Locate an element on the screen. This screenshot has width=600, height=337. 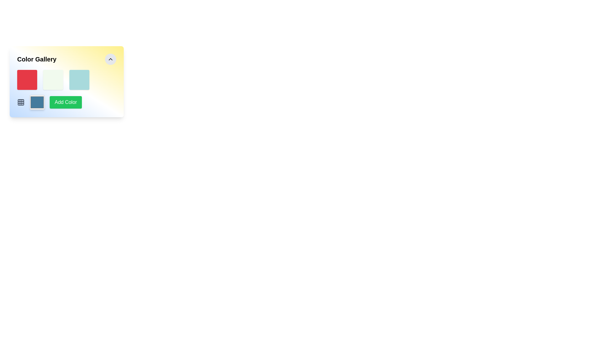
the square UI component with rounded corners and light cyan background located in the grid layout, which is the third item in the row is located at coordinates (79, 79).